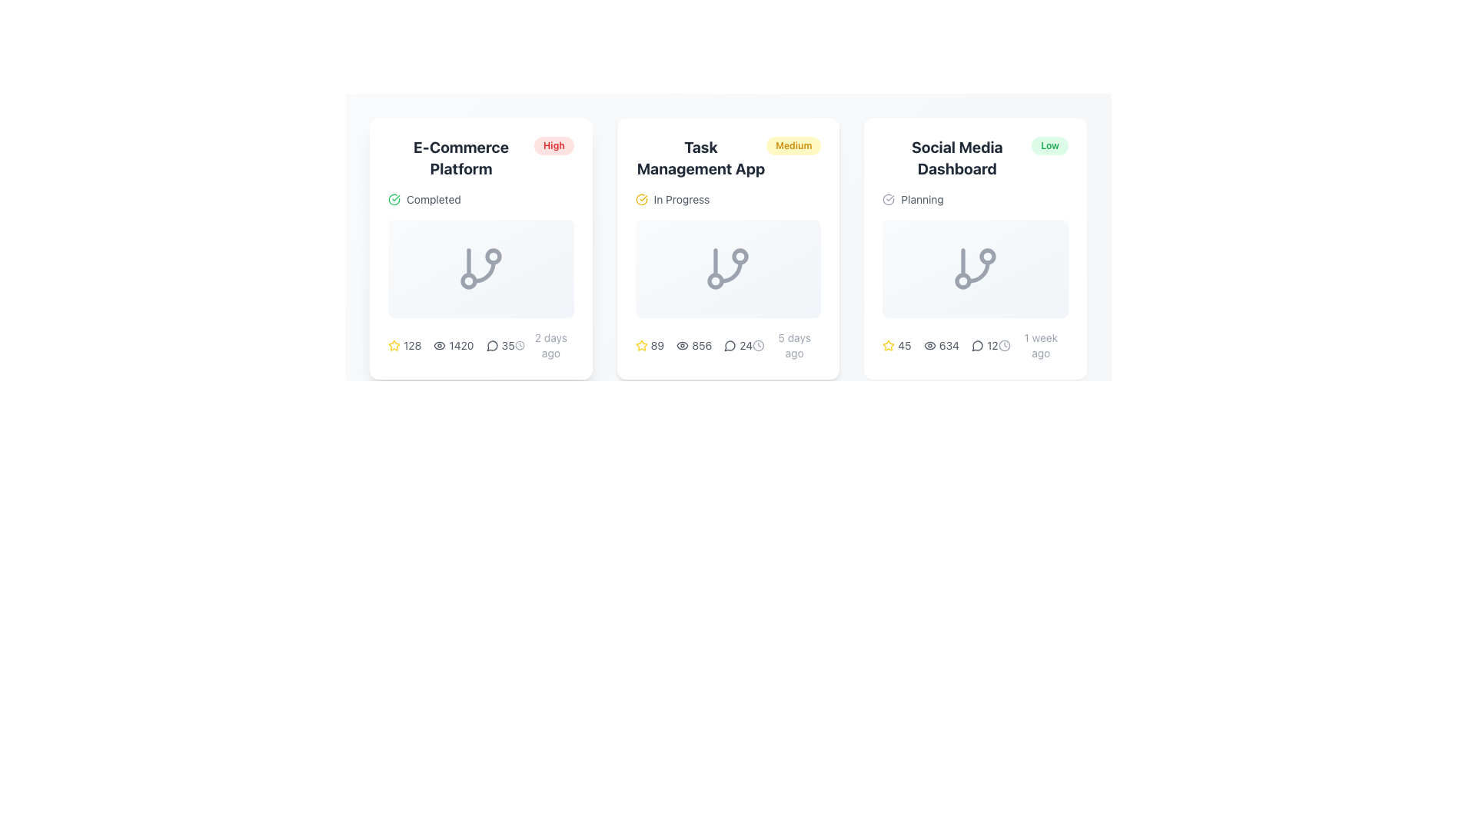 Image resolution: width=1476 pixels, height=830 pixels. What do you see at coordinates (682, 346) in the screenshot?
I see `the view count icon of the 'Task Management App' card, which is the leftmost component of a horizontal group containing an eye icon and text, located at the bottom of the card` at bounding box center [682, 346].